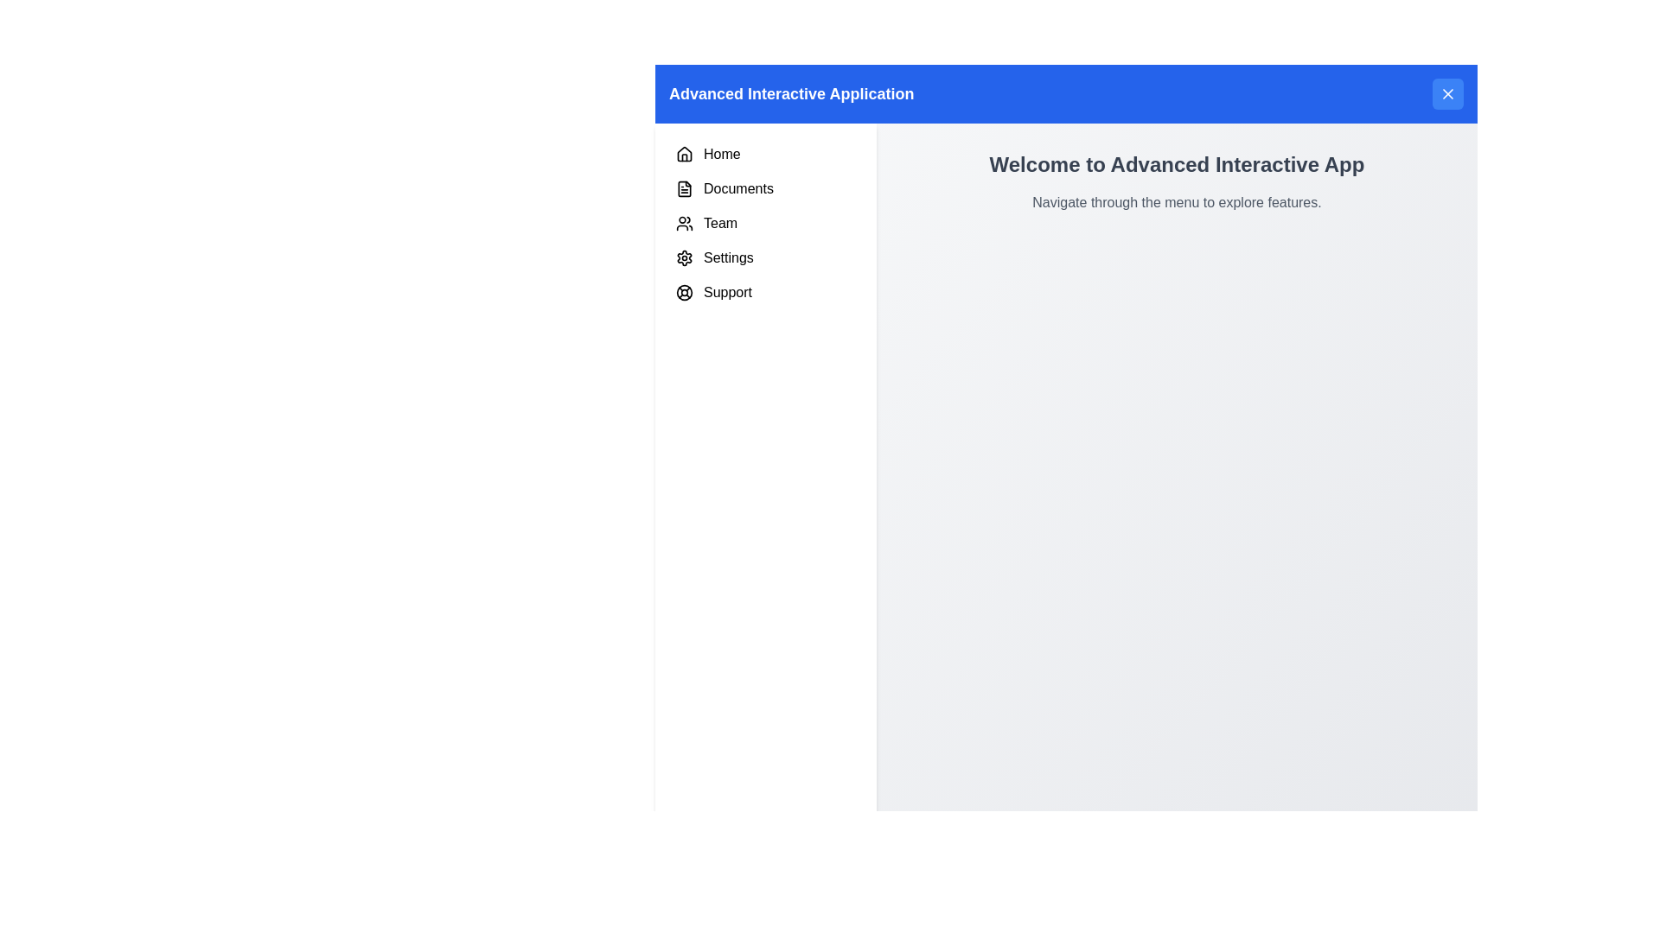  What do you see at coordinates (720, 222) in the screenshot?
I see `the 'Team' text label in the vertical navigation menu` at bounding box center [720, 222].